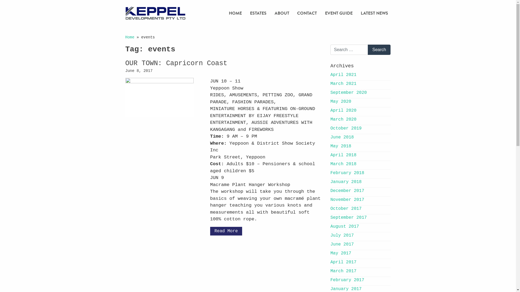  Describe the element at coordinates (343, 110) in the screenshot. I see `'April 2020'` at that location.